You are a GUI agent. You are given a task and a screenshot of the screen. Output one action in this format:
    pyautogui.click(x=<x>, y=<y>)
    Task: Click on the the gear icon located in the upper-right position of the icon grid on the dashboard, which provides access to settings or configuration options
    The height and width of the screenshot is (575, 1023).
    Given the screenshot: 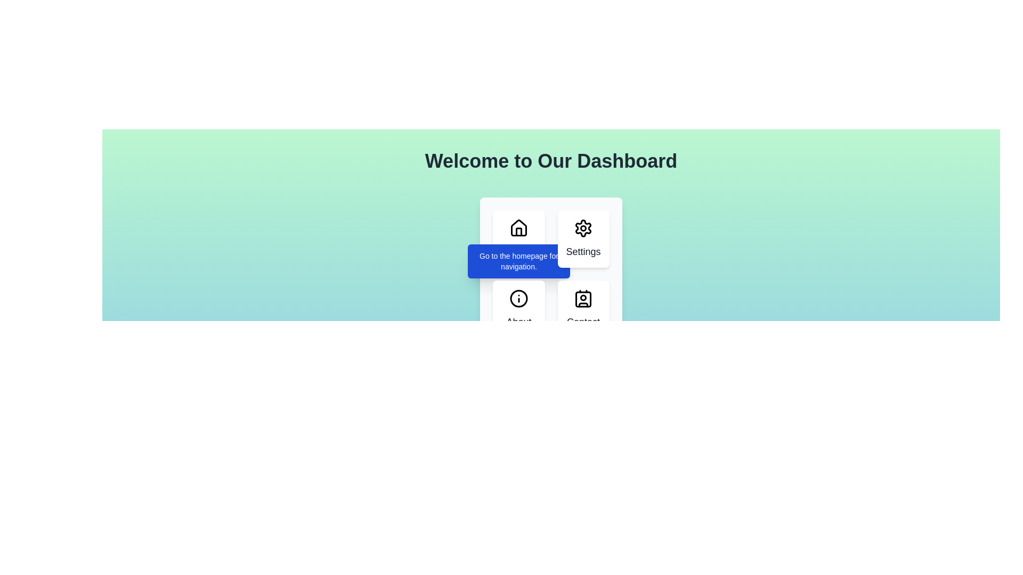 What is the action you would take?
    pyautogui.click(x=582, y=227)
    